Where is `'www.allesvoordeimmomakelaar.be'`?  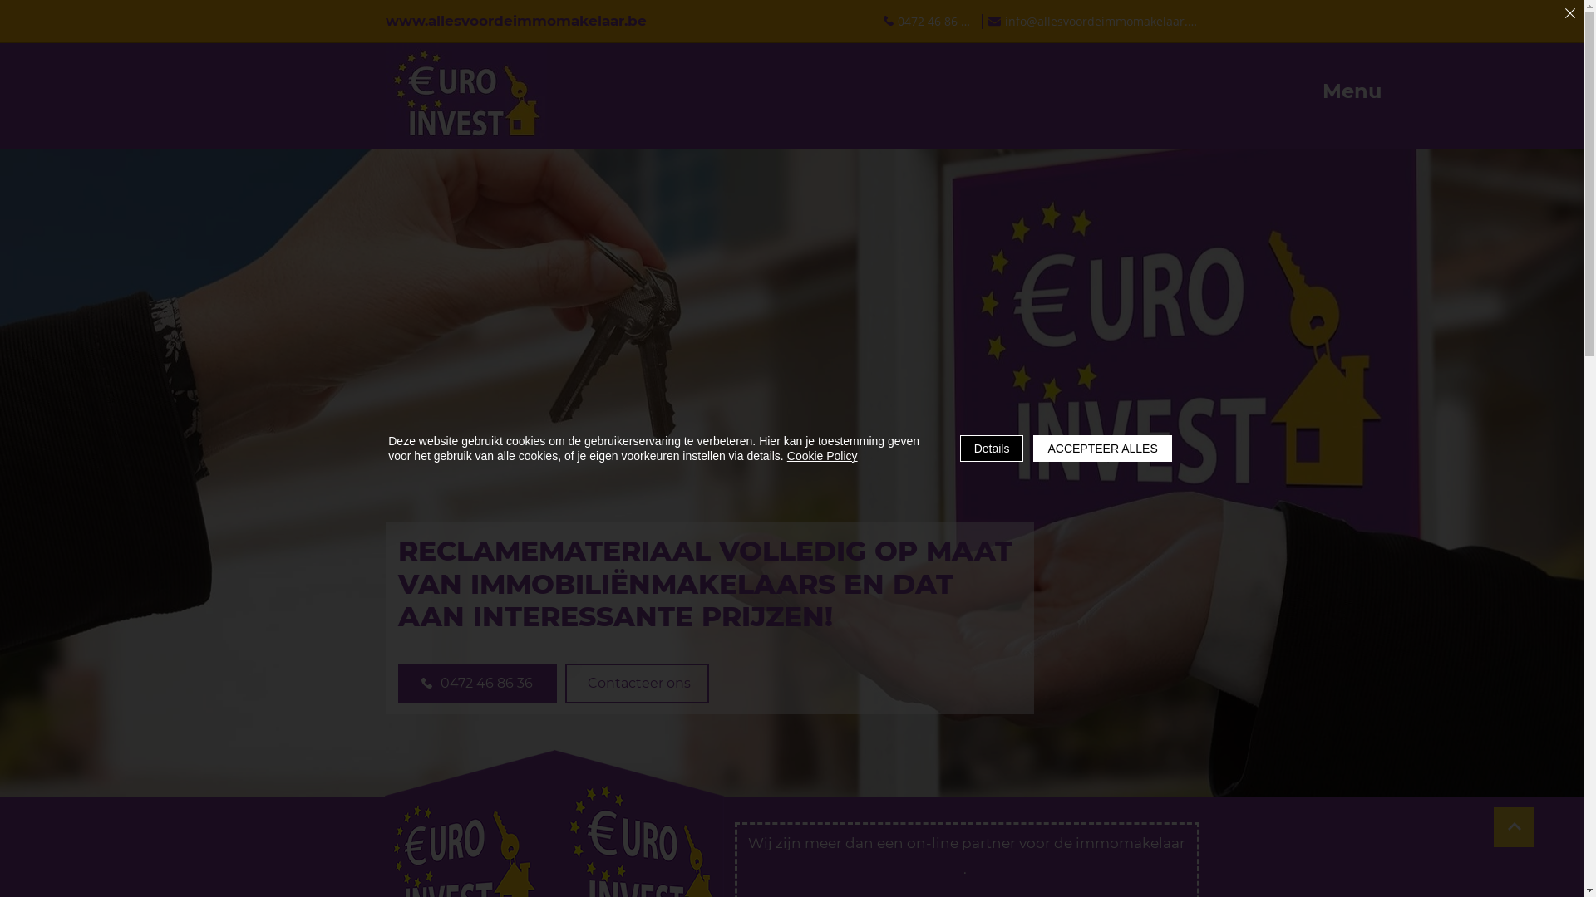
'www.allesvoordeimmomakelaar.be' is located at coordinates (515, 20).